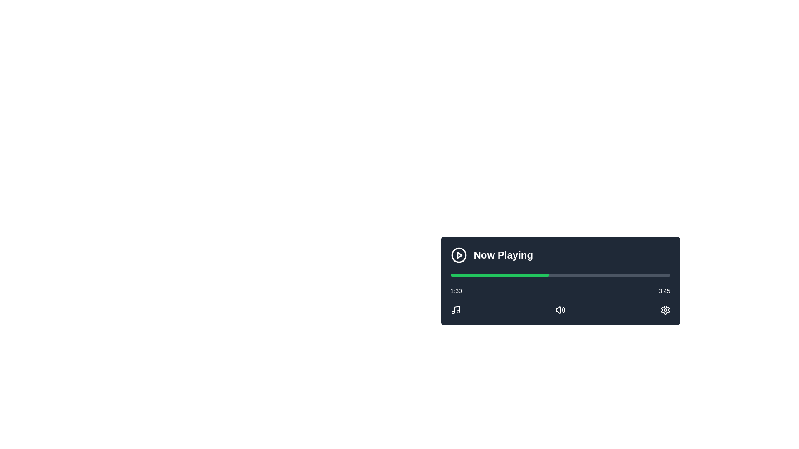 The width and height of the screenshot is (799, 449). Describe the element at coordinates (560, 310) in the screenshot. I see `the speaker icon in the Horizontal Toolbar located at the bottom of the music player interface to adjust volume settings` at that location.